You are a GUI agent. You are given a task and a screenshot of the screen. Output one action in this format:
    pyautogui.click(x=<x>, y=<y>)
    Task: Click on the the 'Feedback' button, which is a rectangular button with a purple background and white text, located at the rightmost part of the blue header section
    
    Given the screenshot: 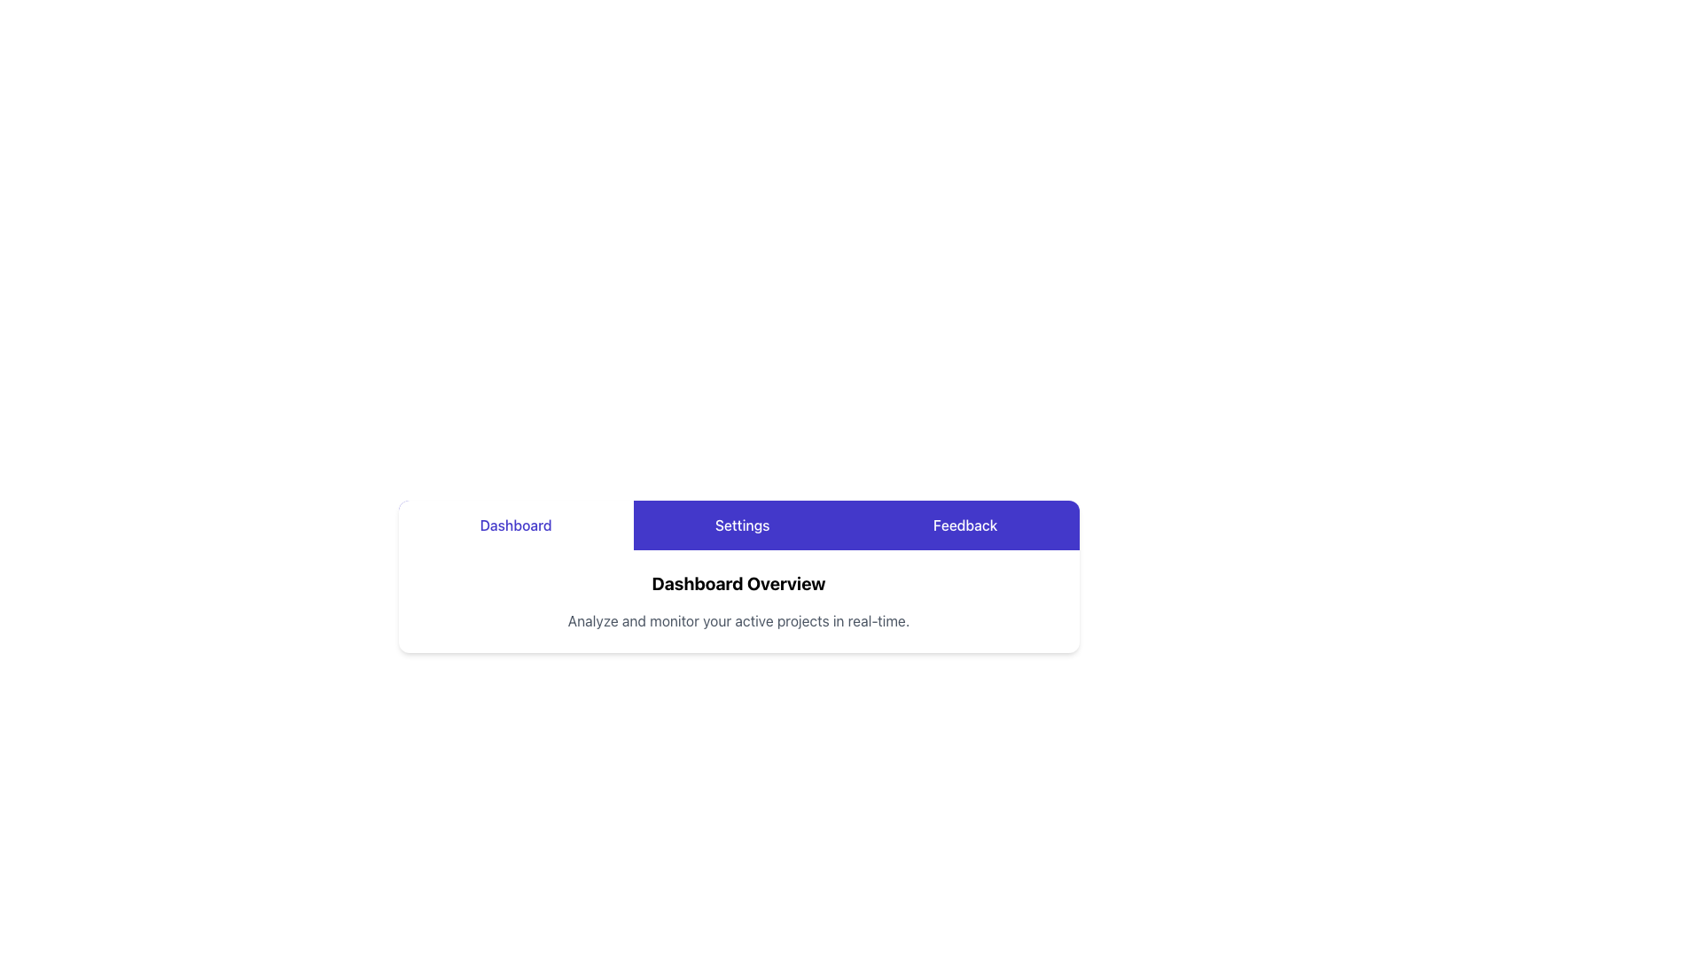 What is the action you would take?
    pyautogui.click(x=964, y=525)
    